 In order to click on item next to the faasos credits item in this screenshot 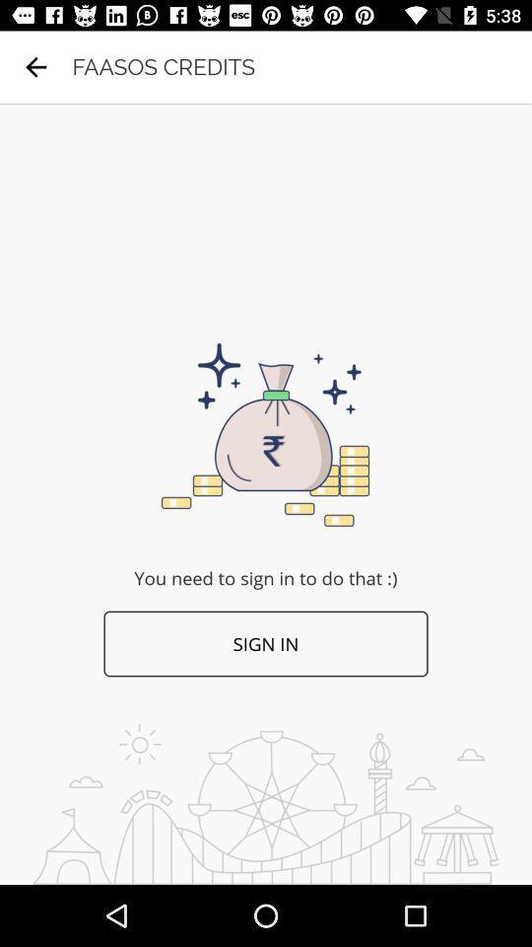, I will do `click(35, 67)`.